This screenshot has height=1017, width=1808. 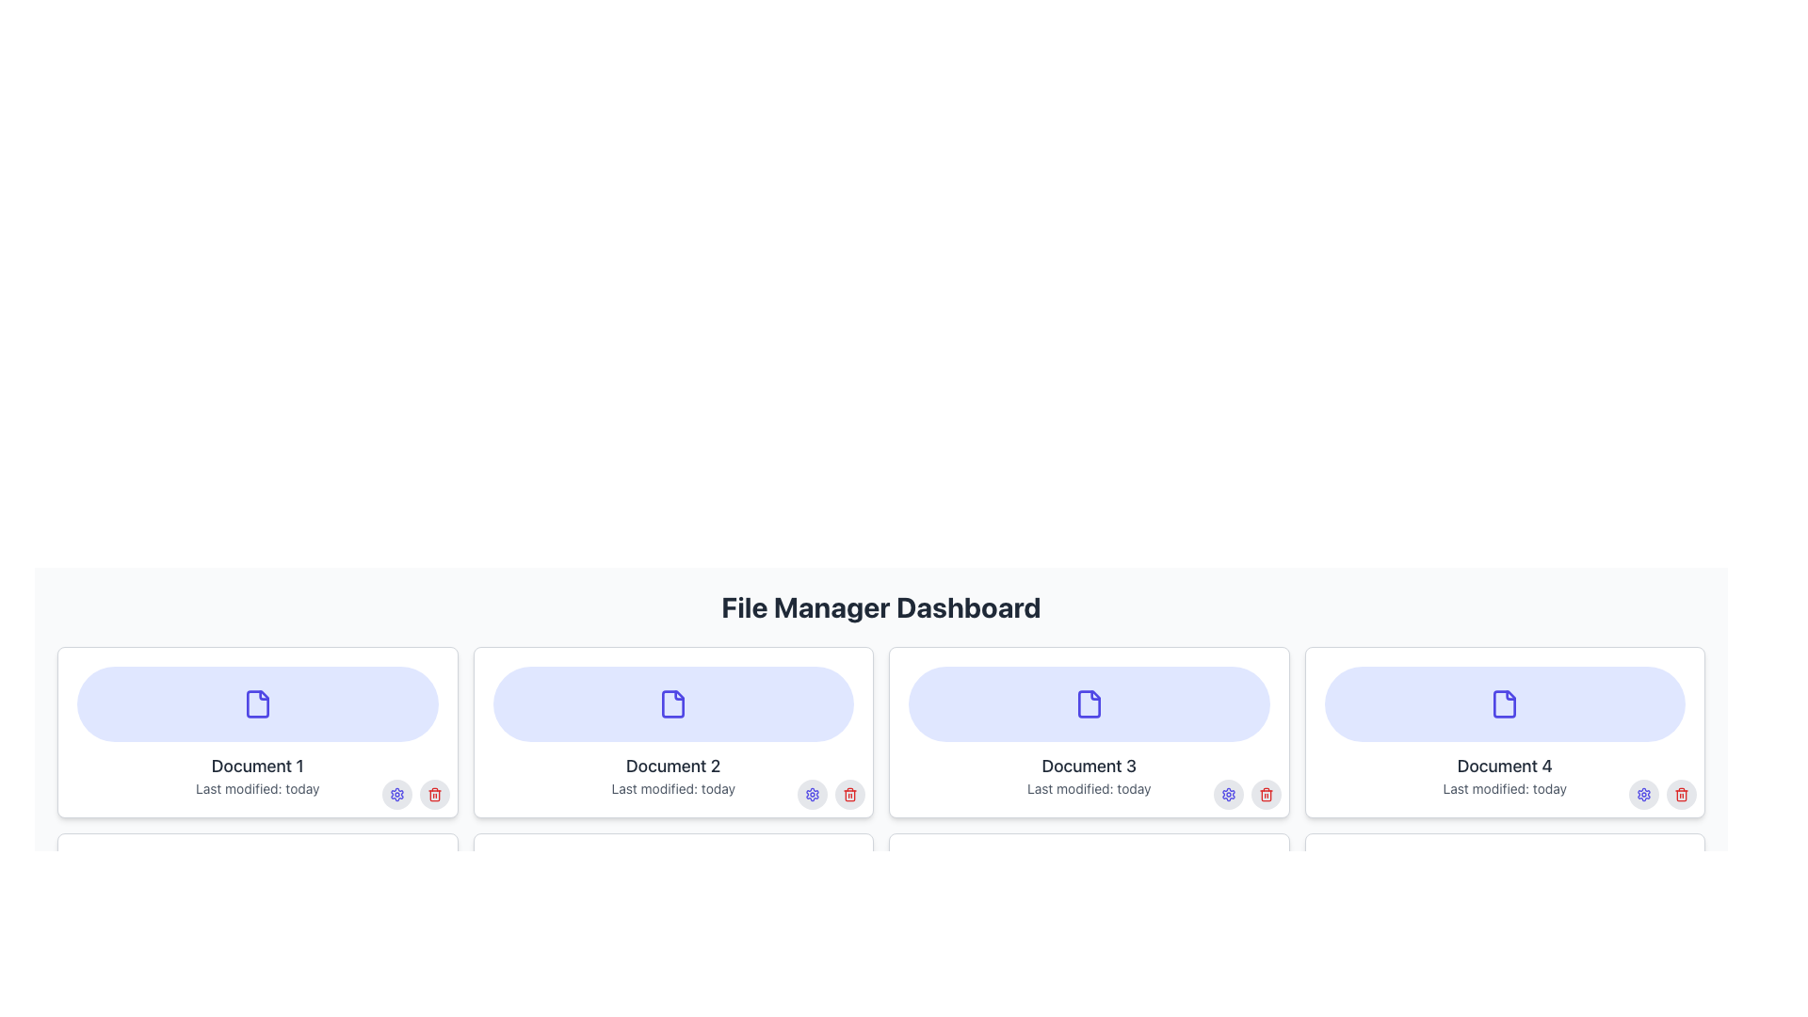 I want to click on the document icon, so click(x=256, y=704).